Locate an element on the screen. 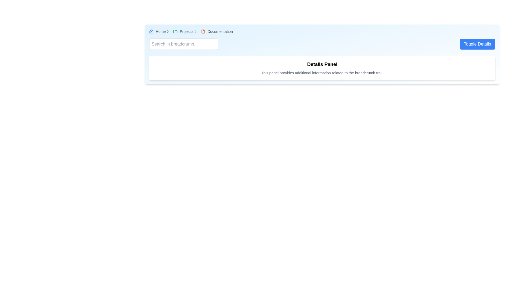 Image resolution: width=518 pixels, height=291 pixels. the 'Documentation' hyperlink in the breadcrumb navigation bar, which follows the 'Projects' item and is preceded by an orange file icon is located at coordinates (217, 31).